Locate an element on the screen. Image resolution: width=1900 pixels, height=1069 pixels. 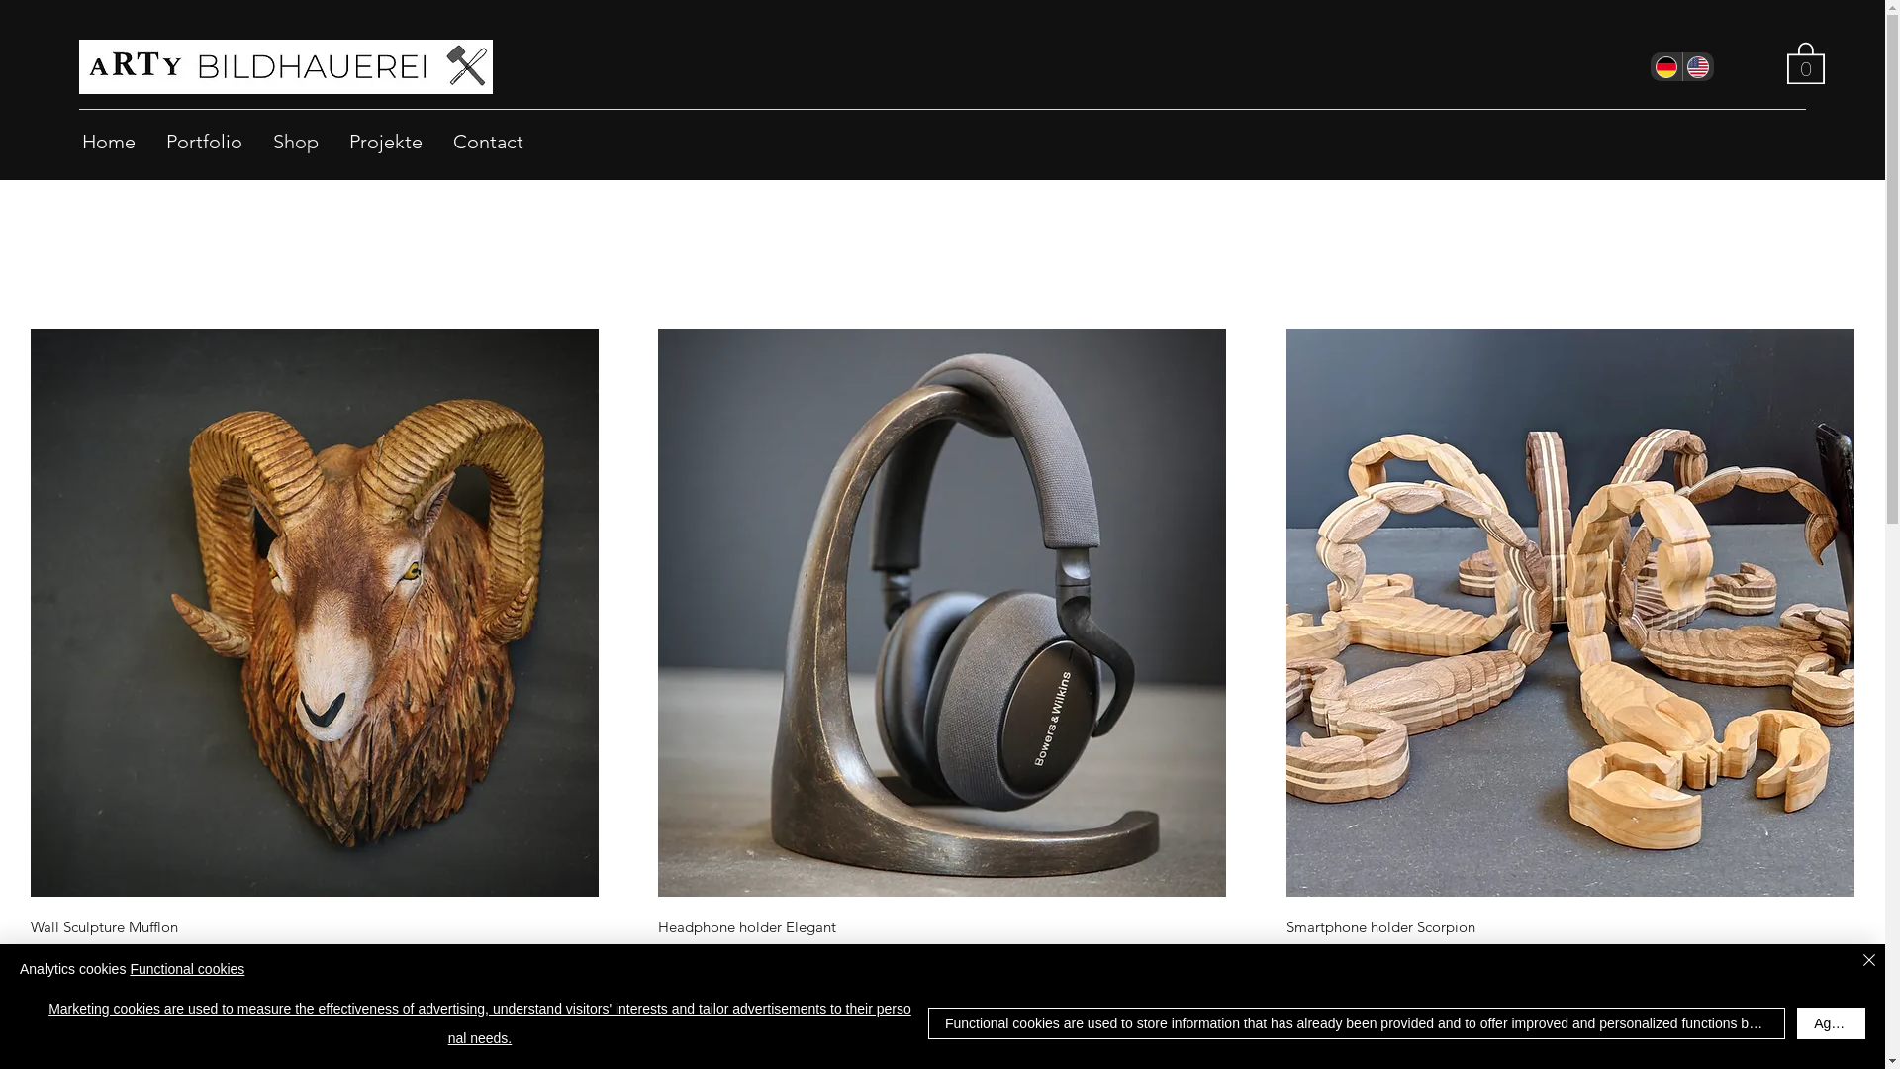
'Agree' is located at coordinates (1830, 1022).